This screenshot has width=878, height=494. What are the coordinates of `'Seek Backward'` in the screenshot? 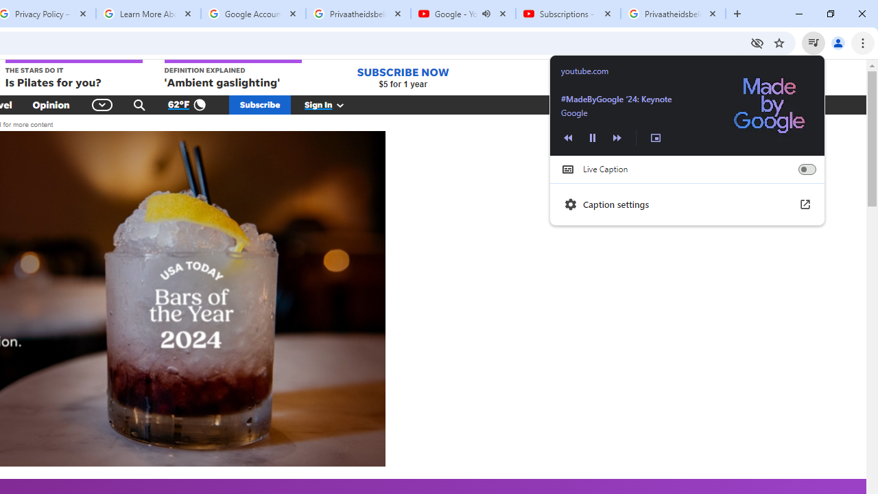 It's located at (568, 137).